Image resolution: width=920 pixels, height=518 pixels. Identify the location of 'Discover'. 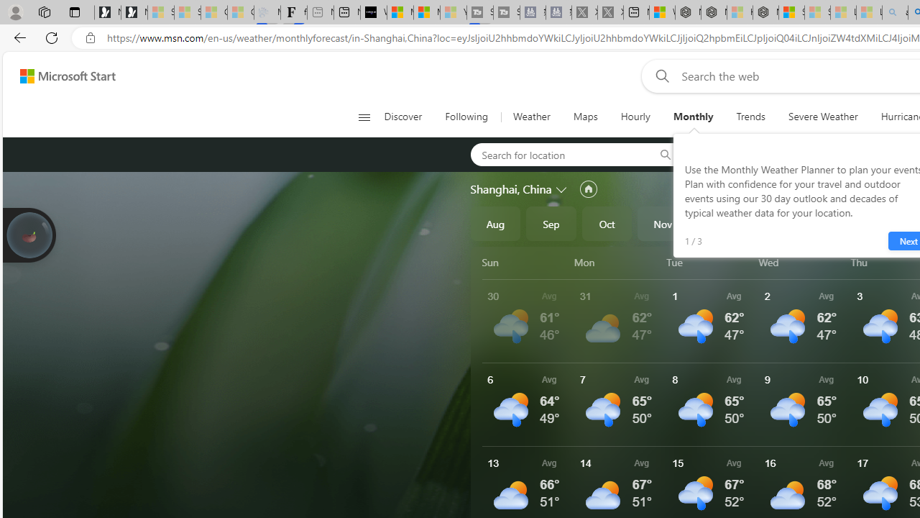
(408, 117).